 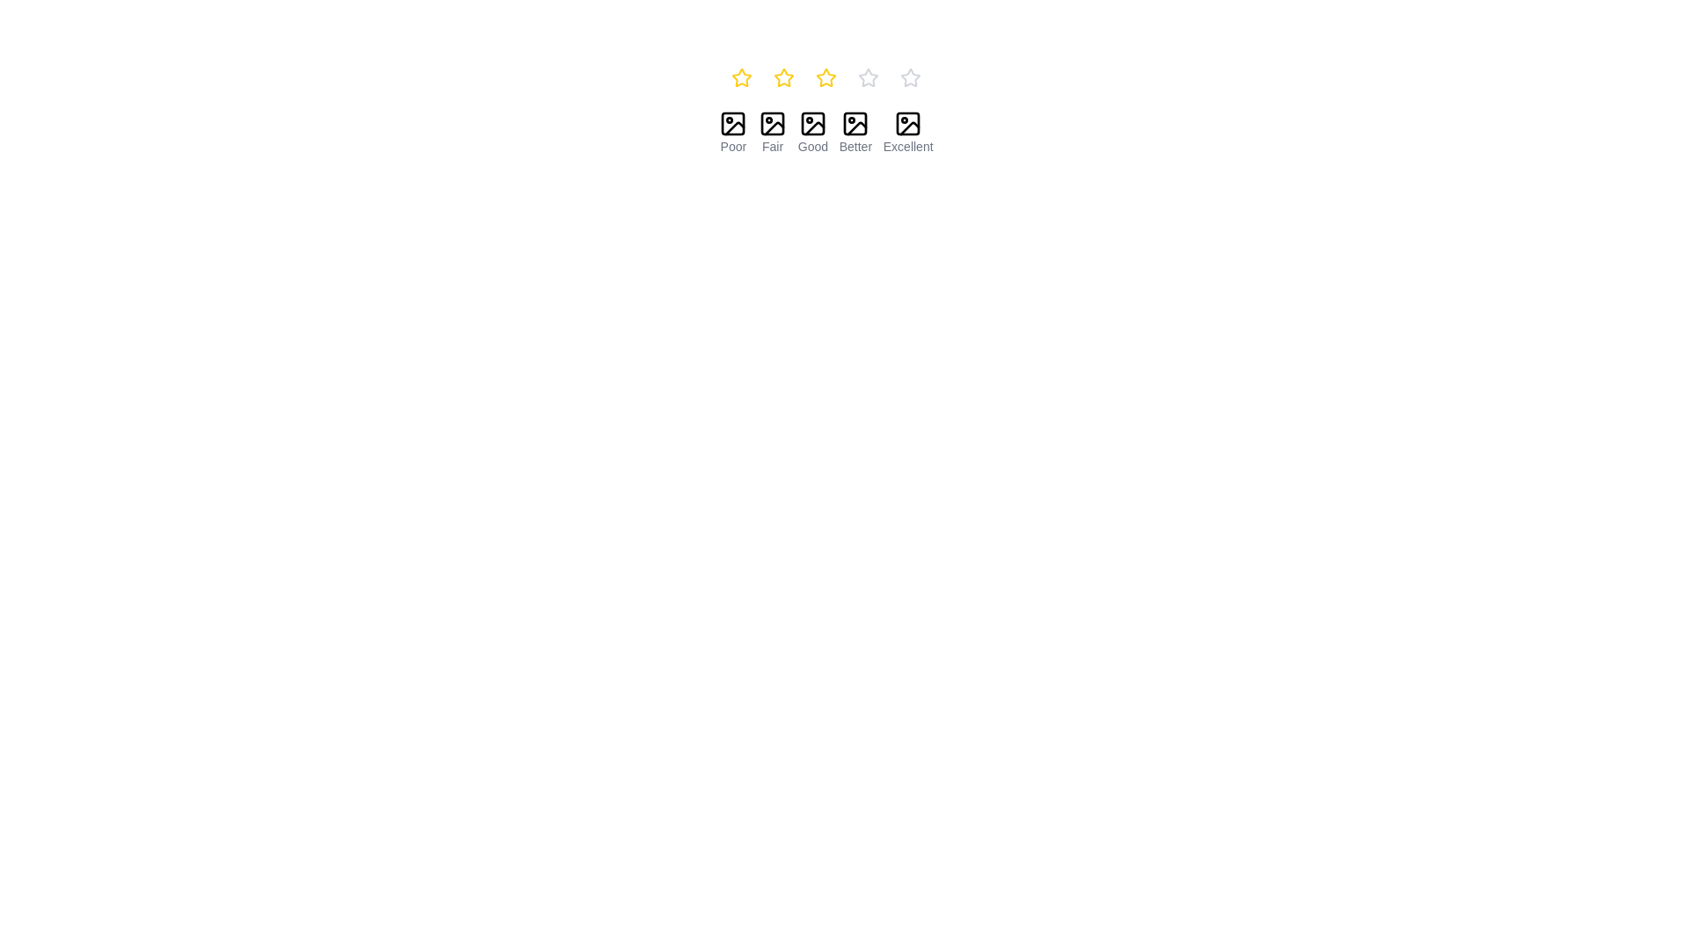 I want to click on the first Rating Item which is represented by a disabled image placeholder icon with the text 'Poor' below it, indicating a low rating, so click(x=733, y=131).